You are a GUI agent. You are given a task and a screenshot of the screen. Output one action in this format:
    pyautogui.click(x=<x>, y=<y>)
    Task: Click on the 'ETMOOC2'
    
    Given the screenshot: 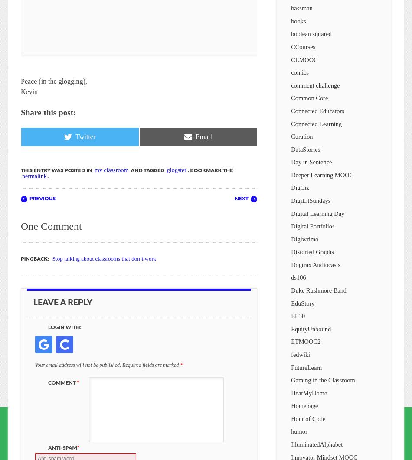 What is the action you would take?
    pyautogui.click(x=305, y=342)
    